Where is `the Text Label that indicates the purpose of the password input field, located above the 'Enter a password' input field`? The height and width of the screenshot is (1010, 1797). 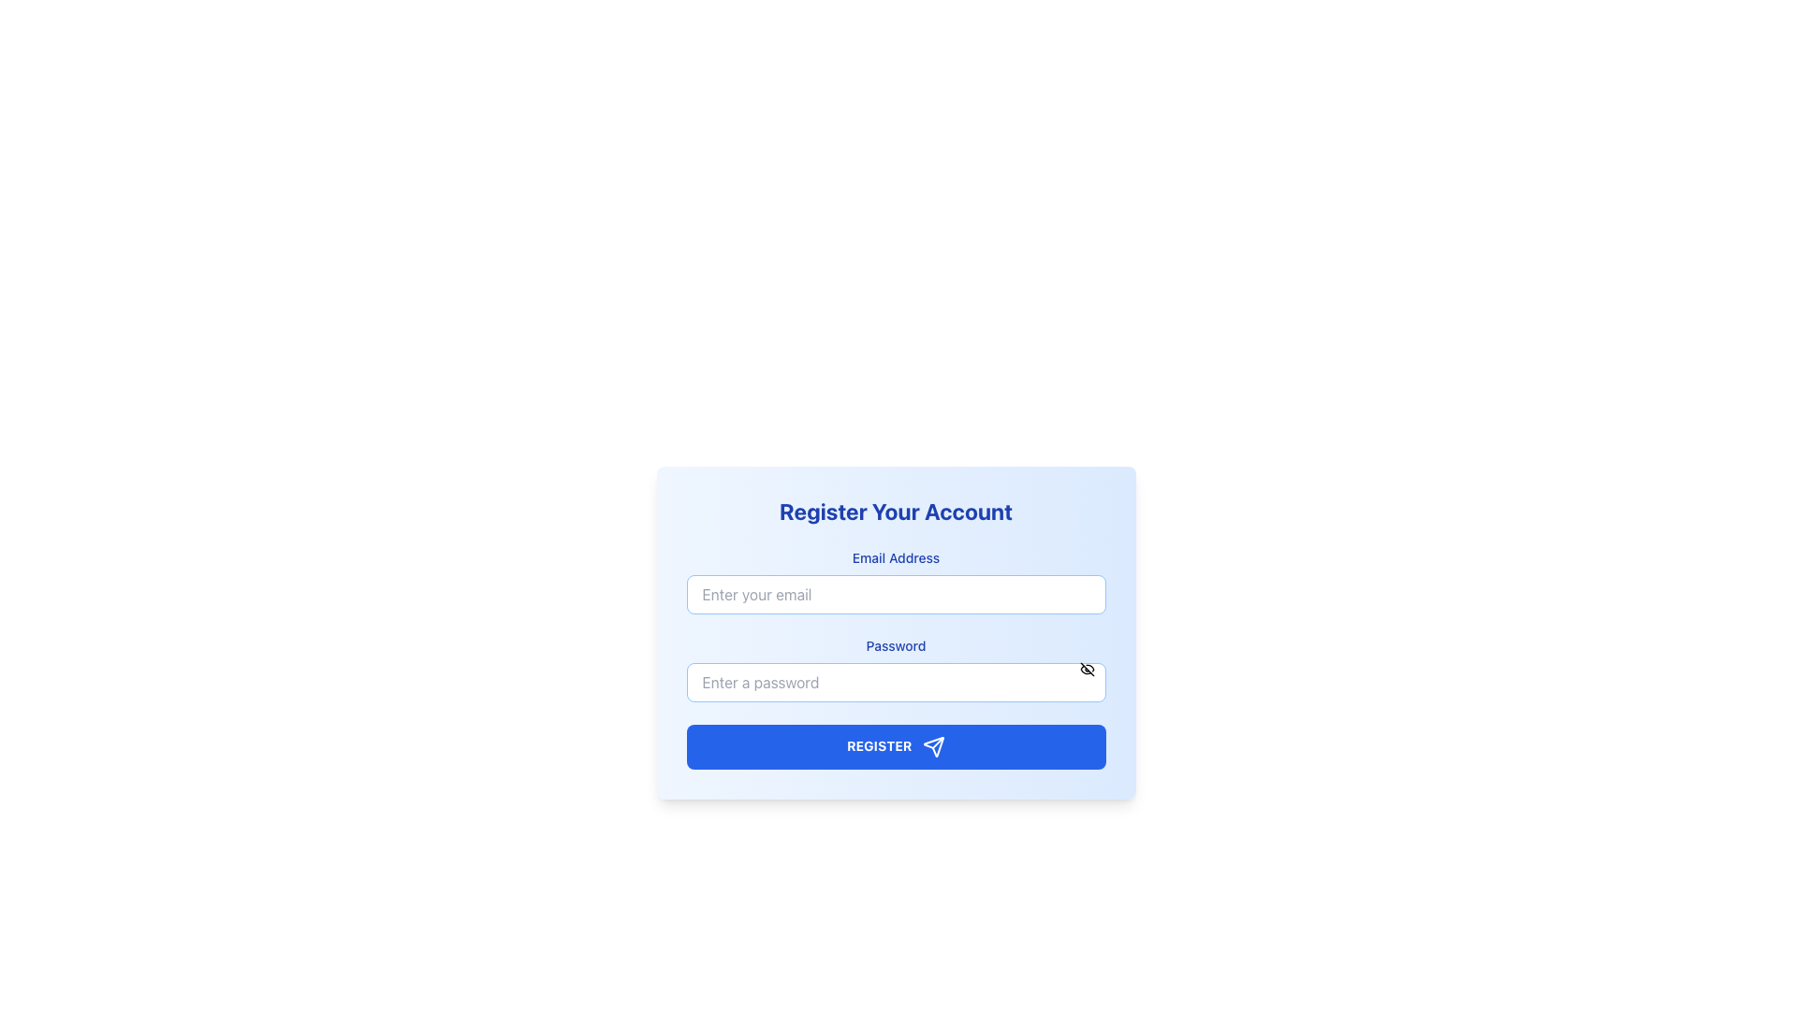
the Text Label that indicates the purpose of the password input field, located above the 'Enter a password' input field is located at coordinates (895, 644).